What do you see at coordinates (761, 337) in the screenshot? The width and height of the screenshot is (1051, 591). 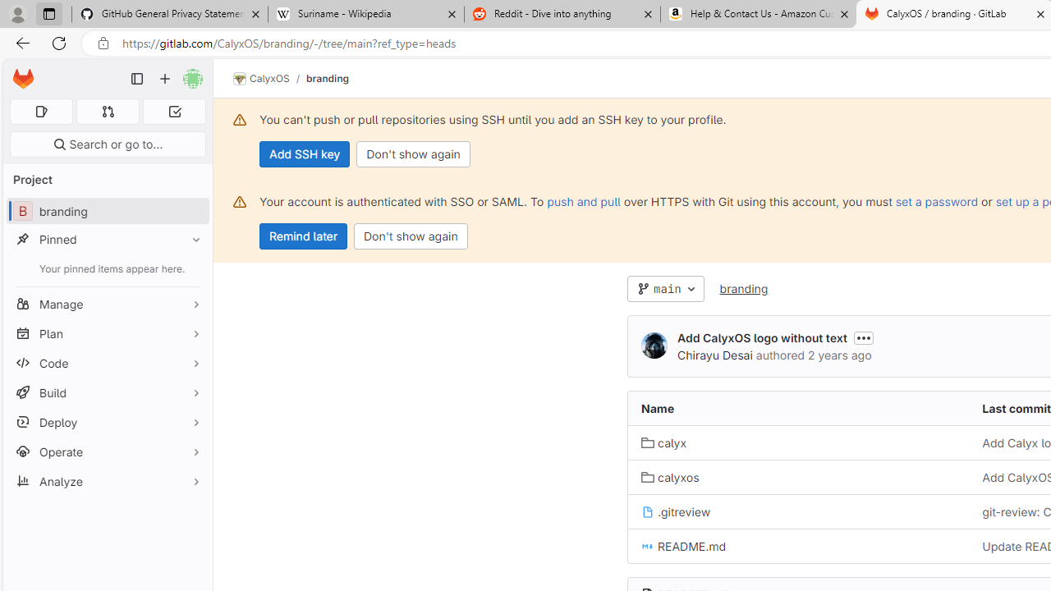 I see `'Add CalyxOS logo without text'` at bounding box center [761, 337].